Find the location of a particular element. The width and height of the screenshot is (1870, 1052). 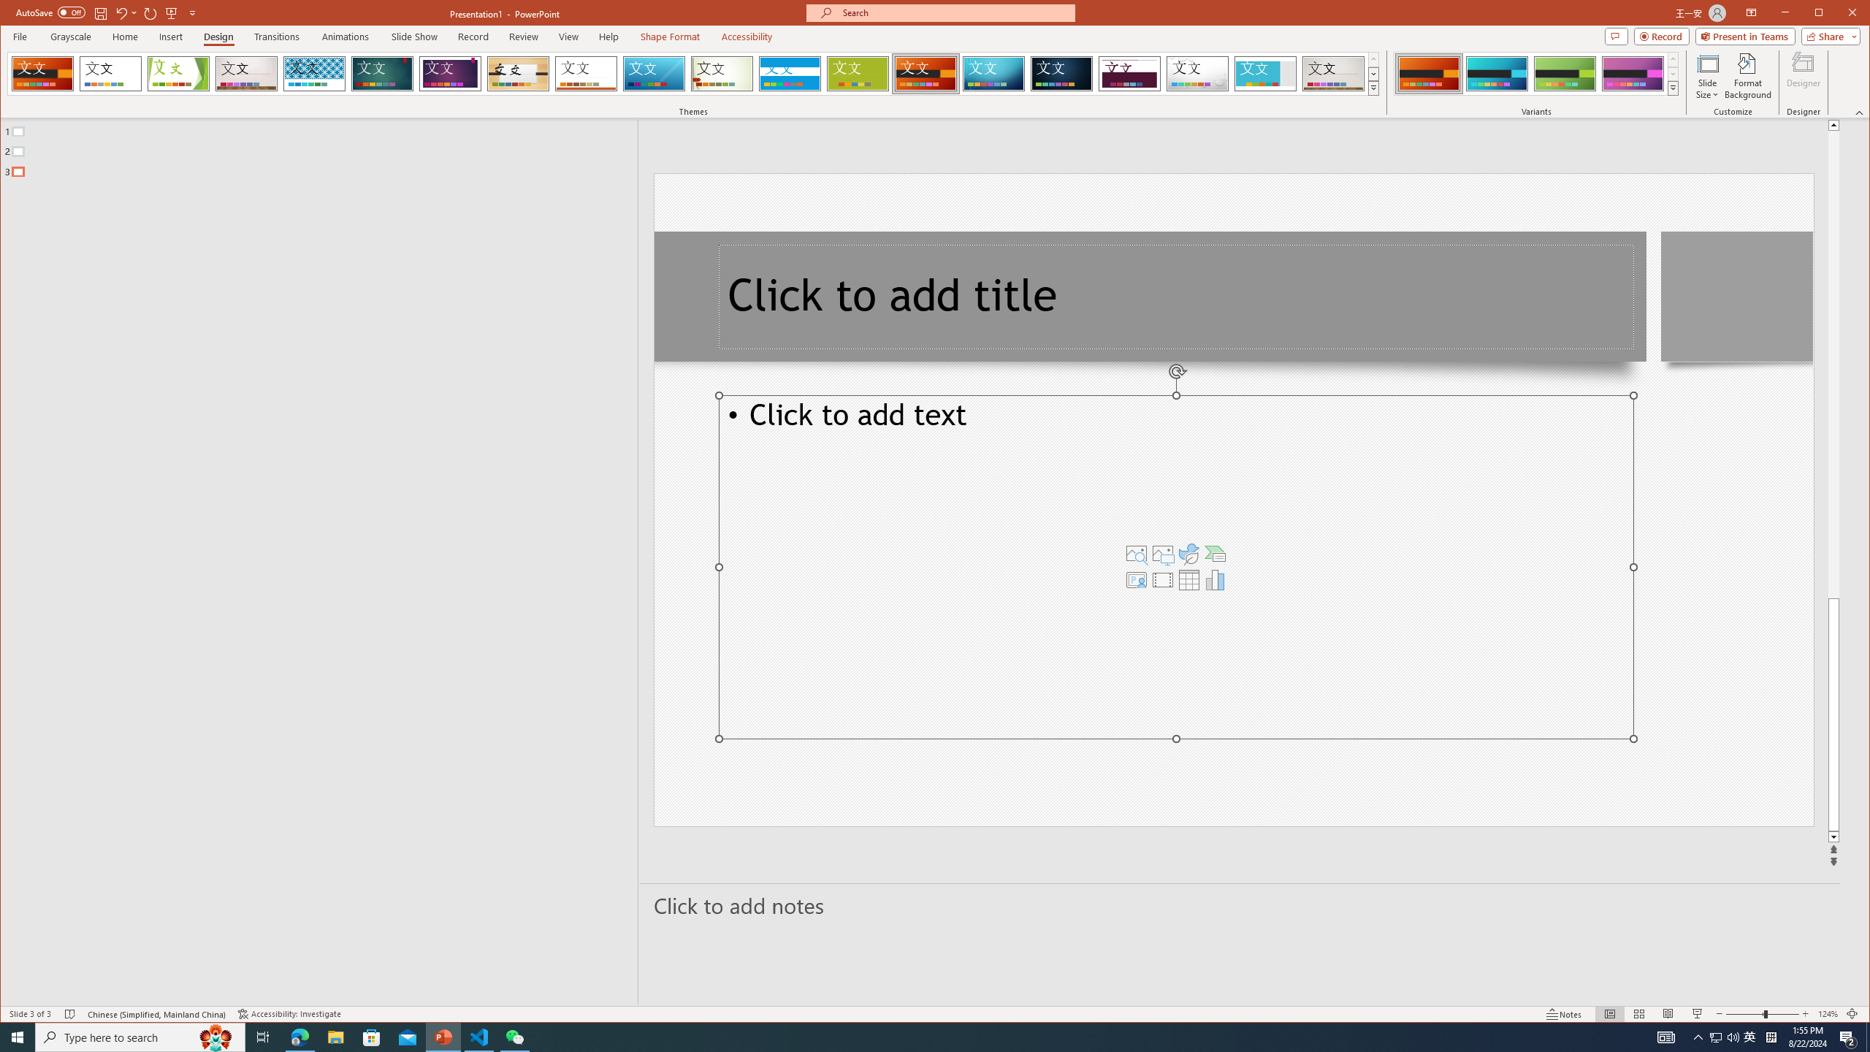

'Integral' is located at coordinates (313, 73).